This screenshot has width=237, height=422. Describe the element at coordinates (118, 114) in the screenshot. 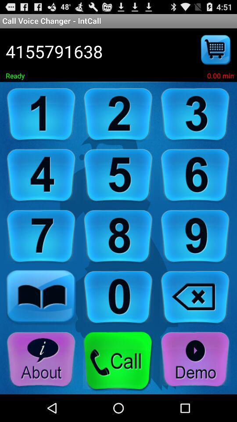

I see `number 2` at that location.